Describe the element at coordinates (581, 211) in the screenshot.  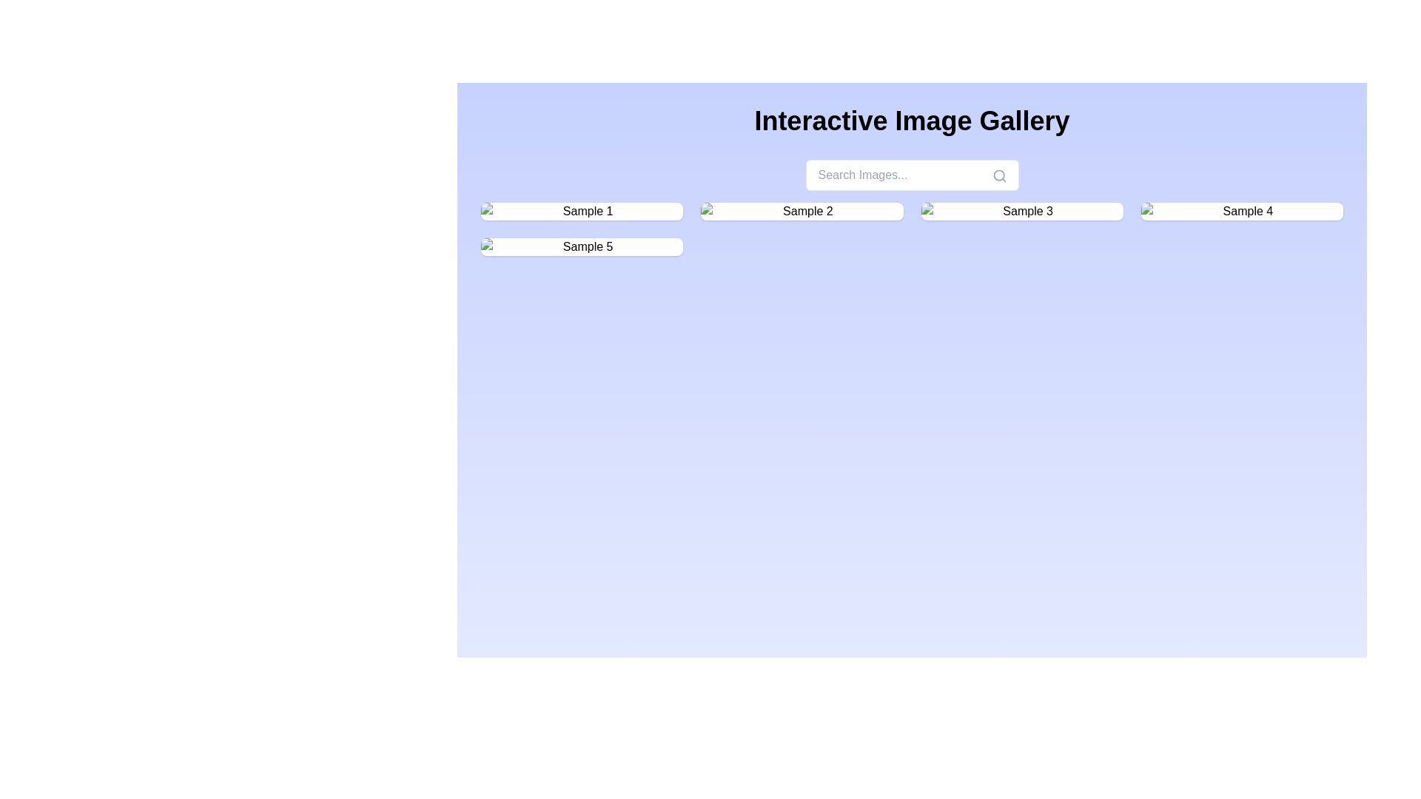
I see `the first Interactive Image Card in the grid layout, positioned at the top left corner, directly above the card labeled 'Sample 5'` at that location.